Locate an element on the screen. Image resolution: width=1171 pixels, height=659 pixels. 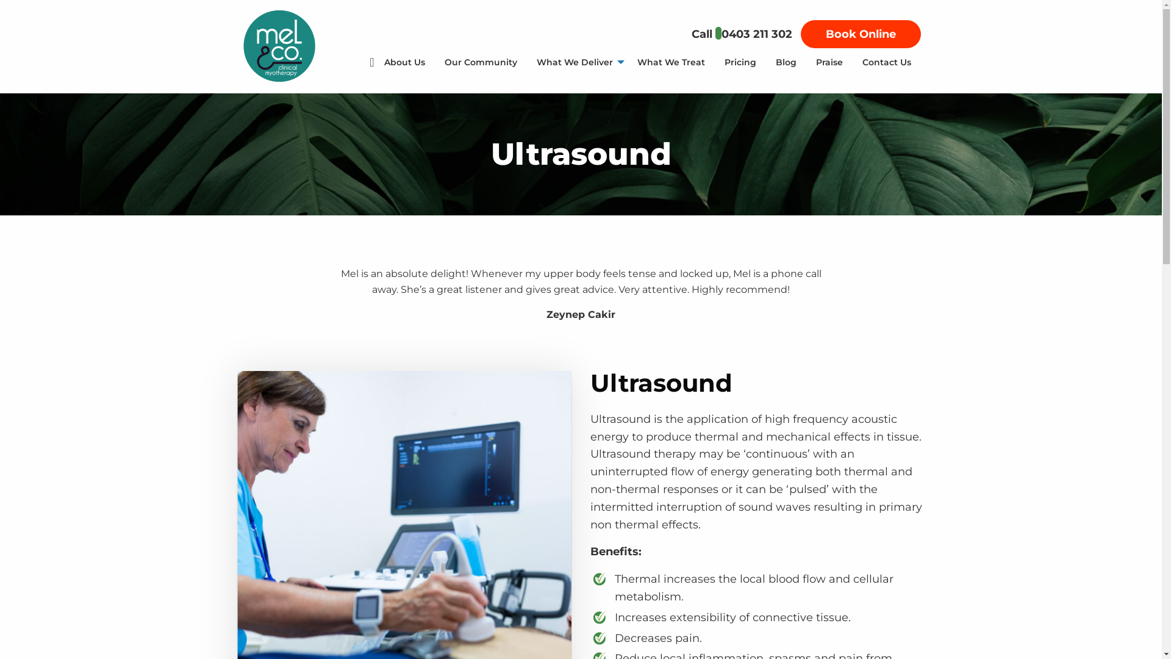
'0403 211 302' is located at coordinates (755, 34).